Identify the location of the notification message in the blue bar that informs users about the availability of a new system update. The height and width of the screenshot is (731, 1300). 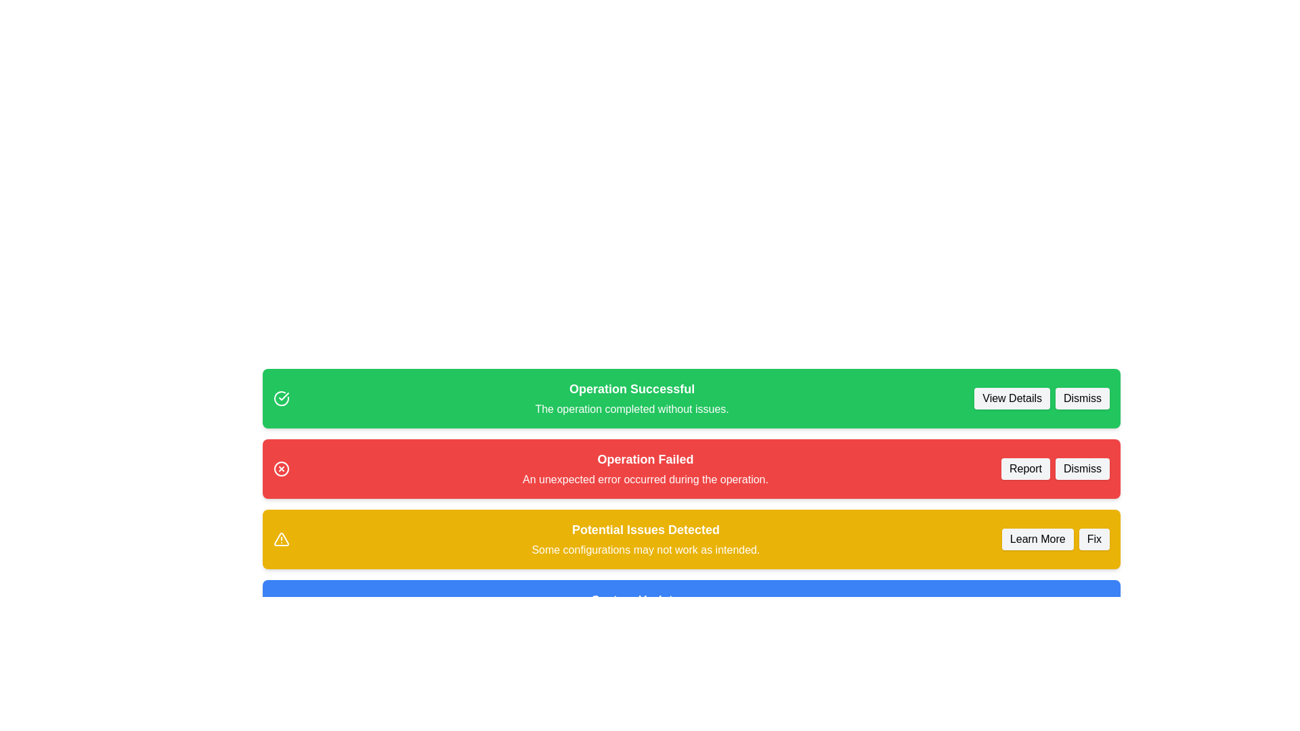
(634, 610).